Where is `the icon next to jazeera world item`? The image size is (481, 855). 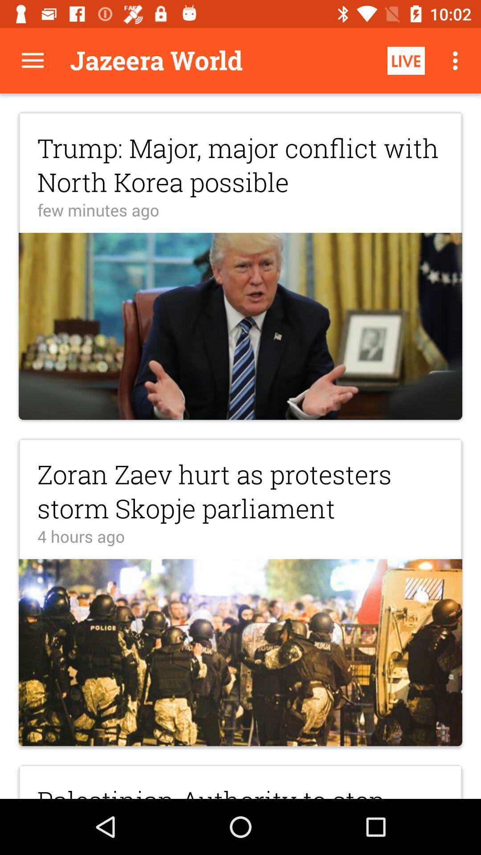
the icon next to jazeera world item is located at coordinates (406, 60).